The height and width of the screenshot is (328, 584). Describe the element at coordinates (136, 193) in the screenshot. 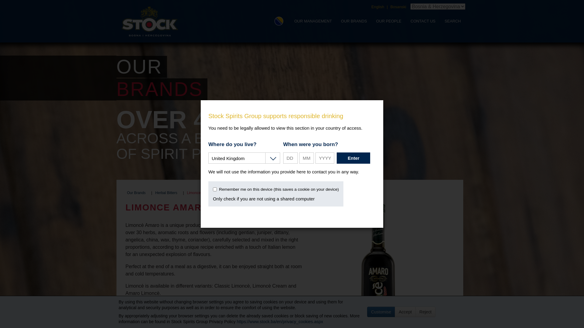

I see `'Our Brands'` at that location.